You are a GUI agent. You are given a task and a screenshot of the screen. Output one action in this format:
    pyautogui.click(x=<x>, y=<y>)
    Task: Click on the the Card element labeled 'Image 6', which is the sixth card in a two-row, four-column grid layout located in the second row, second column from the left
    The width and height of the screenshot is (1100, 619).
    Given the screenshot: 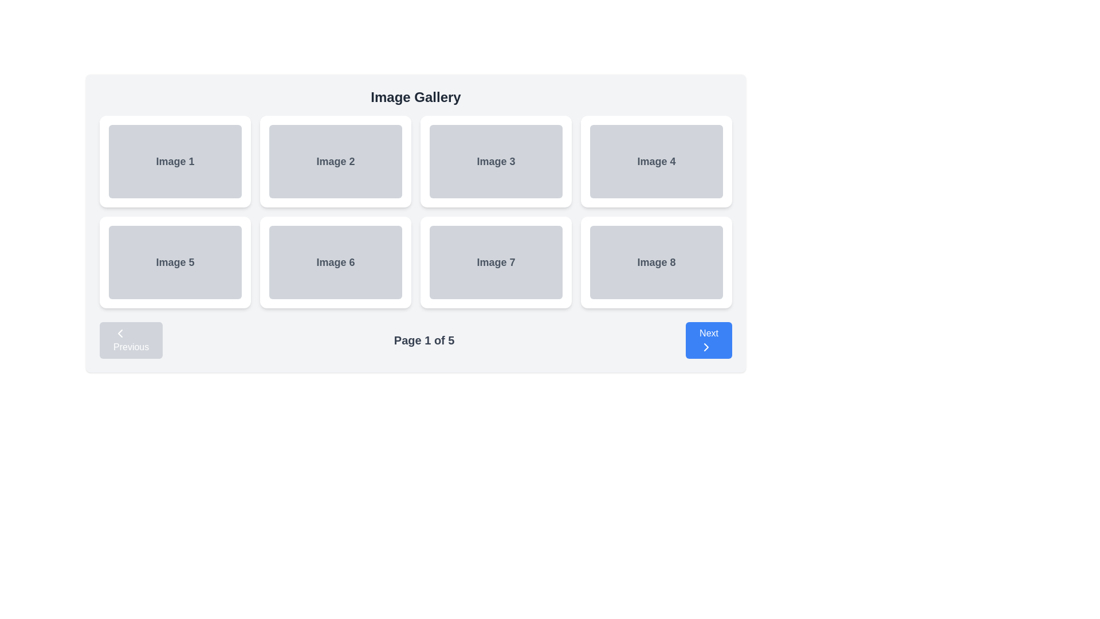 What is the action you would take?
    pyautogui.click(x=335, y=263)
    